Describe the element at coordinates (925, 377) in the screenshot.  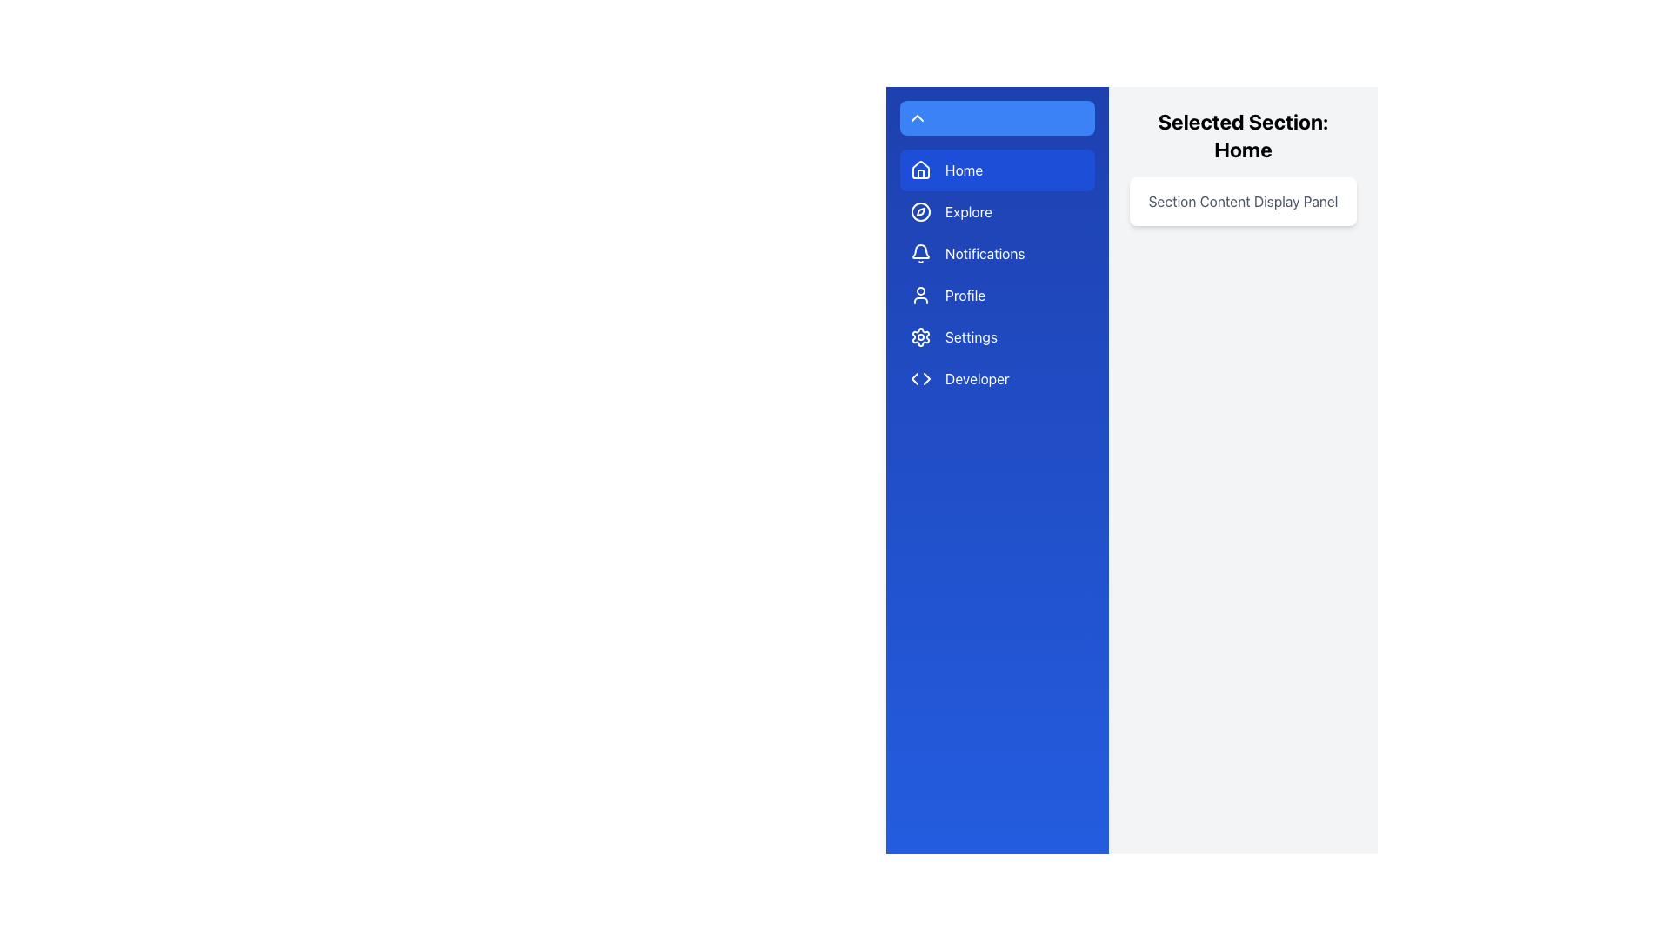
I see `the right-pointing arrow icon located next to the 'Developer' menu item, which is part of a blue-themed interface` at that location.